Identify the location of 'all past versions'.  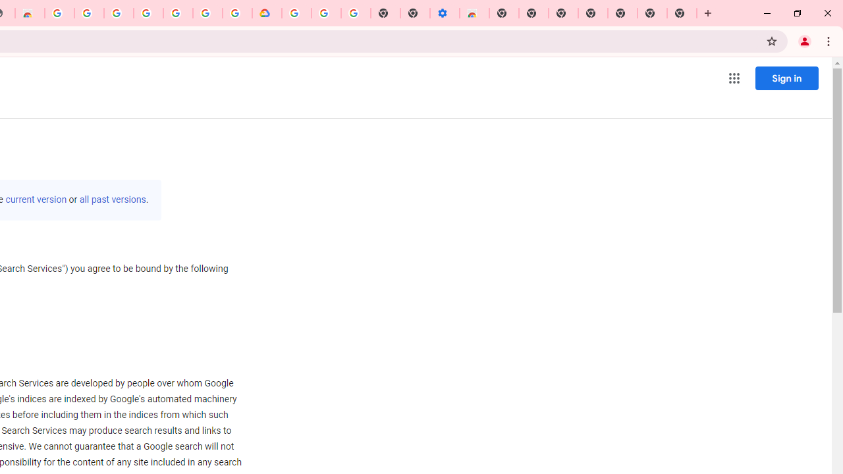
(112, 199).